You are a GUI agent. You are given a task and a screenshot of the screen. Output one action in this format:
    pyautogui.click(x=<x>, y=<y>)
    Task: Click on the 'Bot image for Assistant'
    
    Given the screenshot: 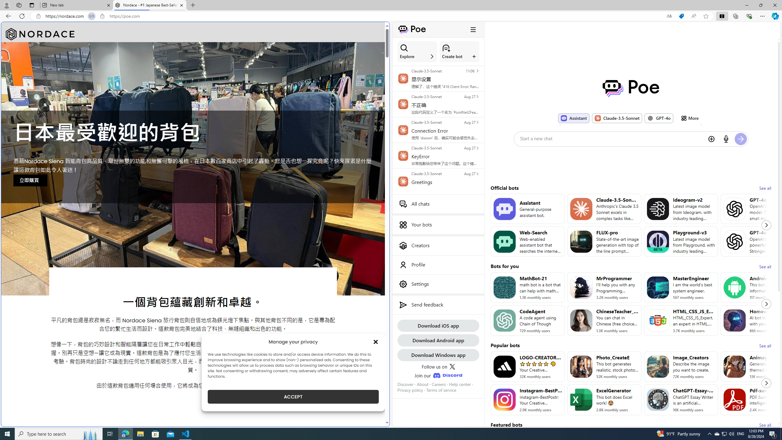 What is the action you would take?
    pyautogui.click(x=504, y=208)
    